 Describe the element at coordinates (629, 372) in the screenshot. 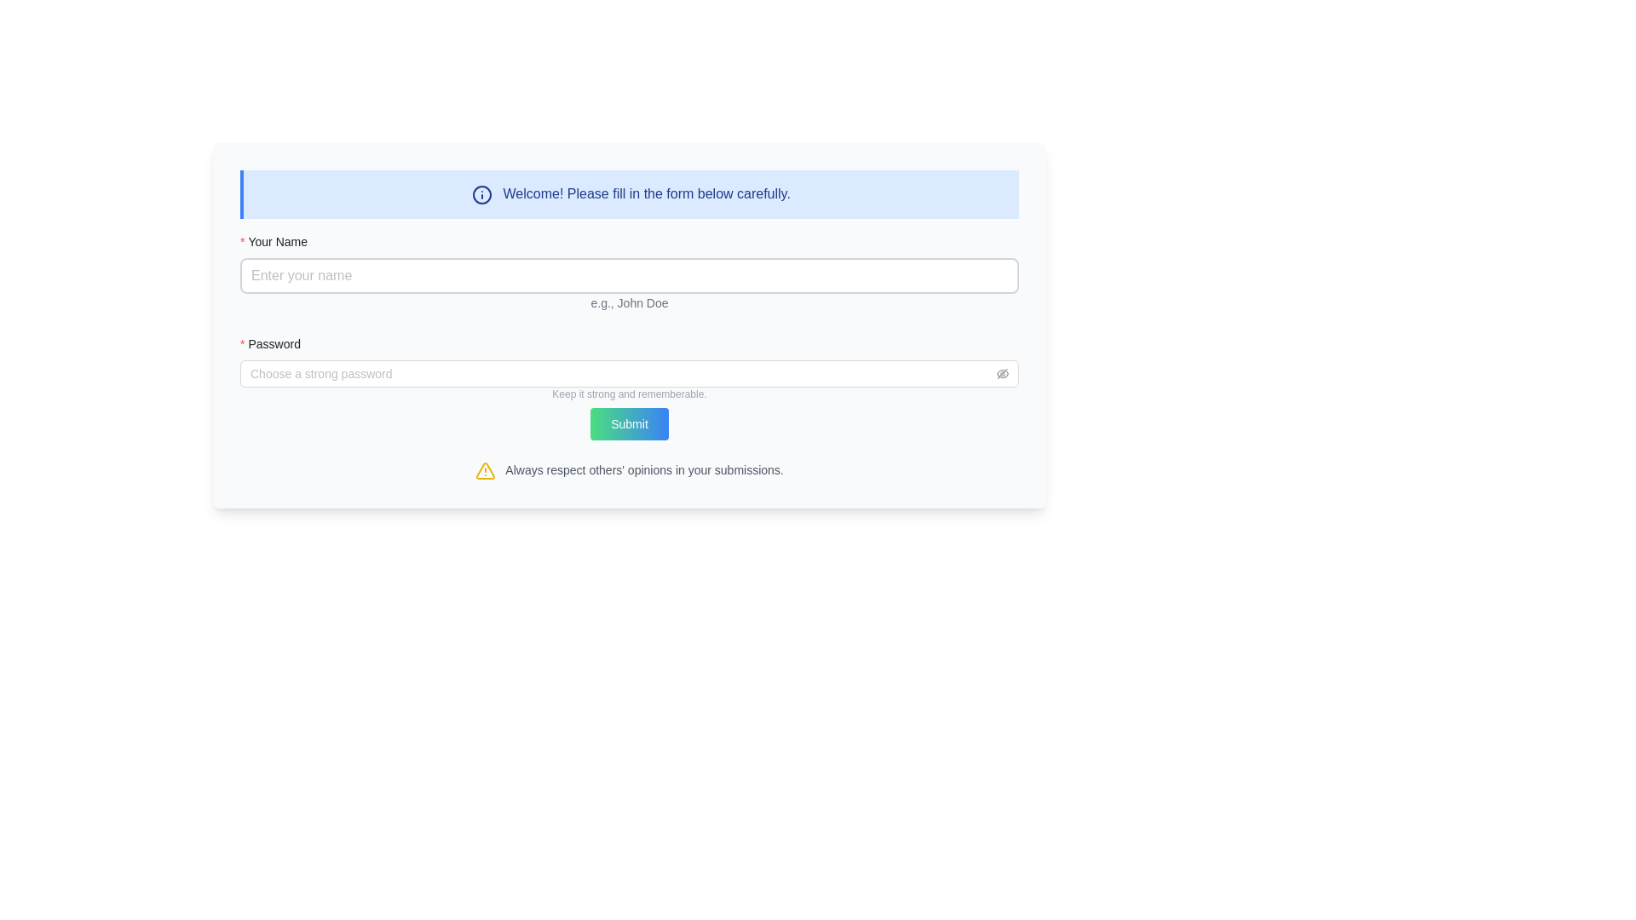

I see `the eye icon in the Password input field` at that location.